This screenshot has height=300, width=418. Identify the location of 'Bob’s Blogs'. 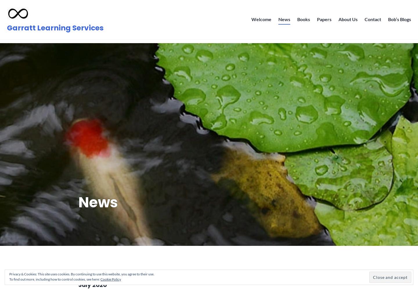
(386, 21).